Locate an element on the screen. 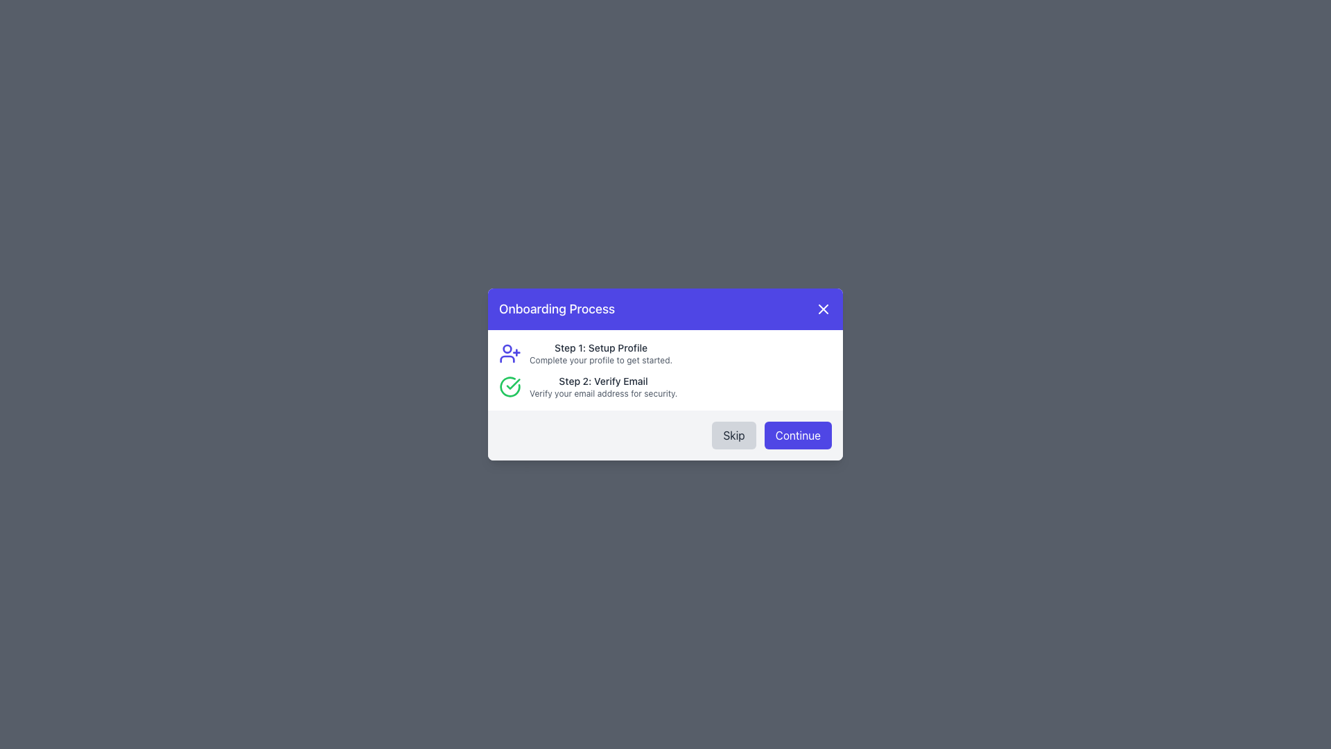  the 'Skip' or 'Continue' button in the Action Panel located at the bottom of the modal dialog labeled 'Onboarding Process' to observe hover effects is located at coordinates (665, 435).